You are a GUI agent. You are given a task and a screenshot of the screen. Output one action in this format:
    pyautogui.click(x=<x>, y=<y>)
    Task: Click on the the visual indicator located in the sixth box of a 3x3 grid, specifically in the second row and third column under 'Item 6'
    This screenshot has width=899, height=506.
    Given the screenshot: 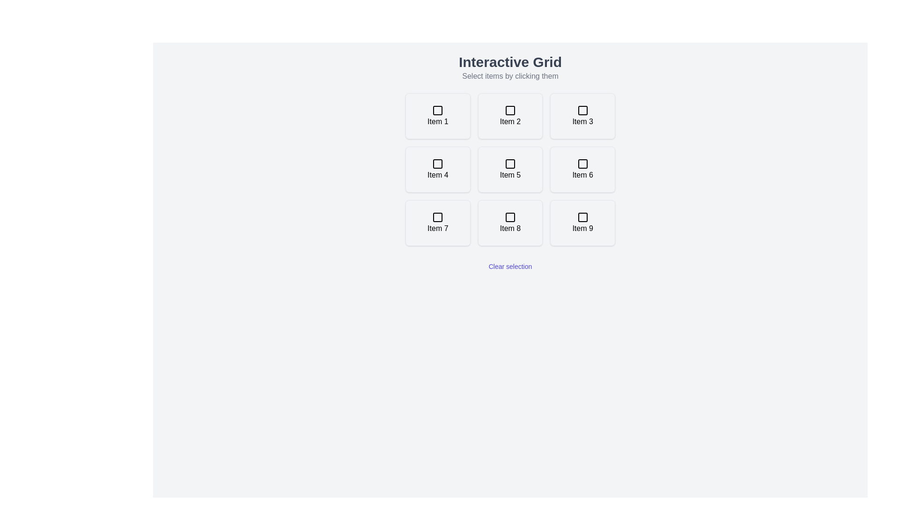 What is the action you would take?
    pyautogui.click(x=582, y=164)
    